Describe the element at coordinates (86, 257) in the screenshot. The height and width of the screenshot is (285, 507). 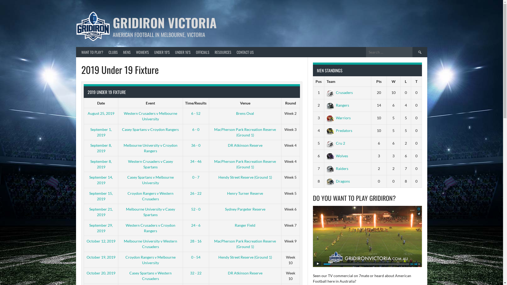
I see `'October 19, 2019'` at that location.